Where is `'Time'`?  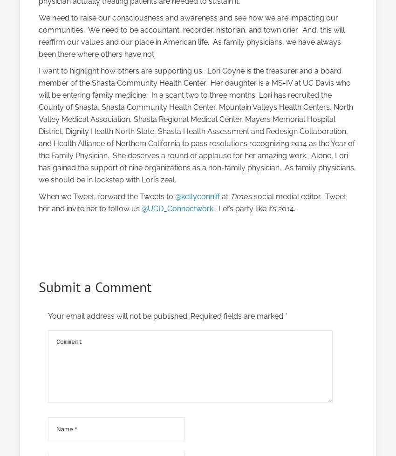 'Time' is located at coordinates (230, 196).